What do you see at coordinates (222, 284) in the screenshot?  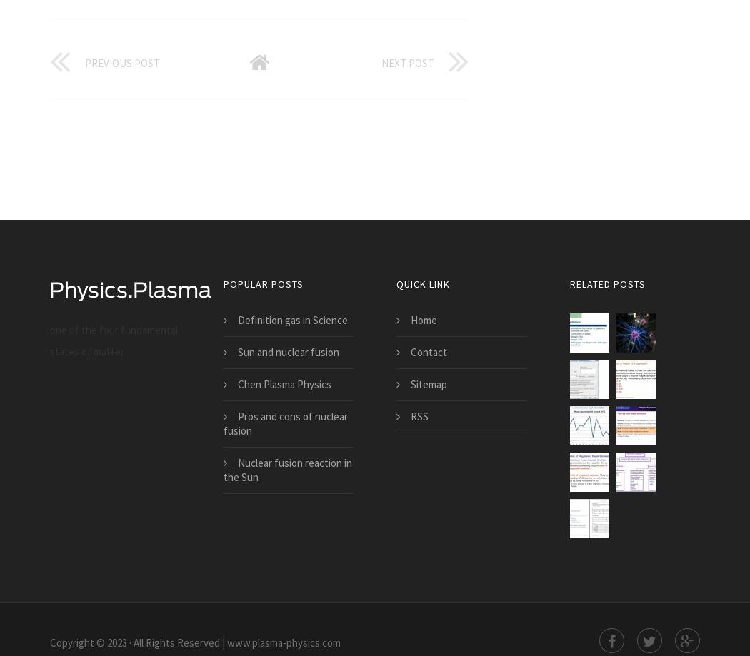 I see `'popular posts'` at bounding box center [222, 284].